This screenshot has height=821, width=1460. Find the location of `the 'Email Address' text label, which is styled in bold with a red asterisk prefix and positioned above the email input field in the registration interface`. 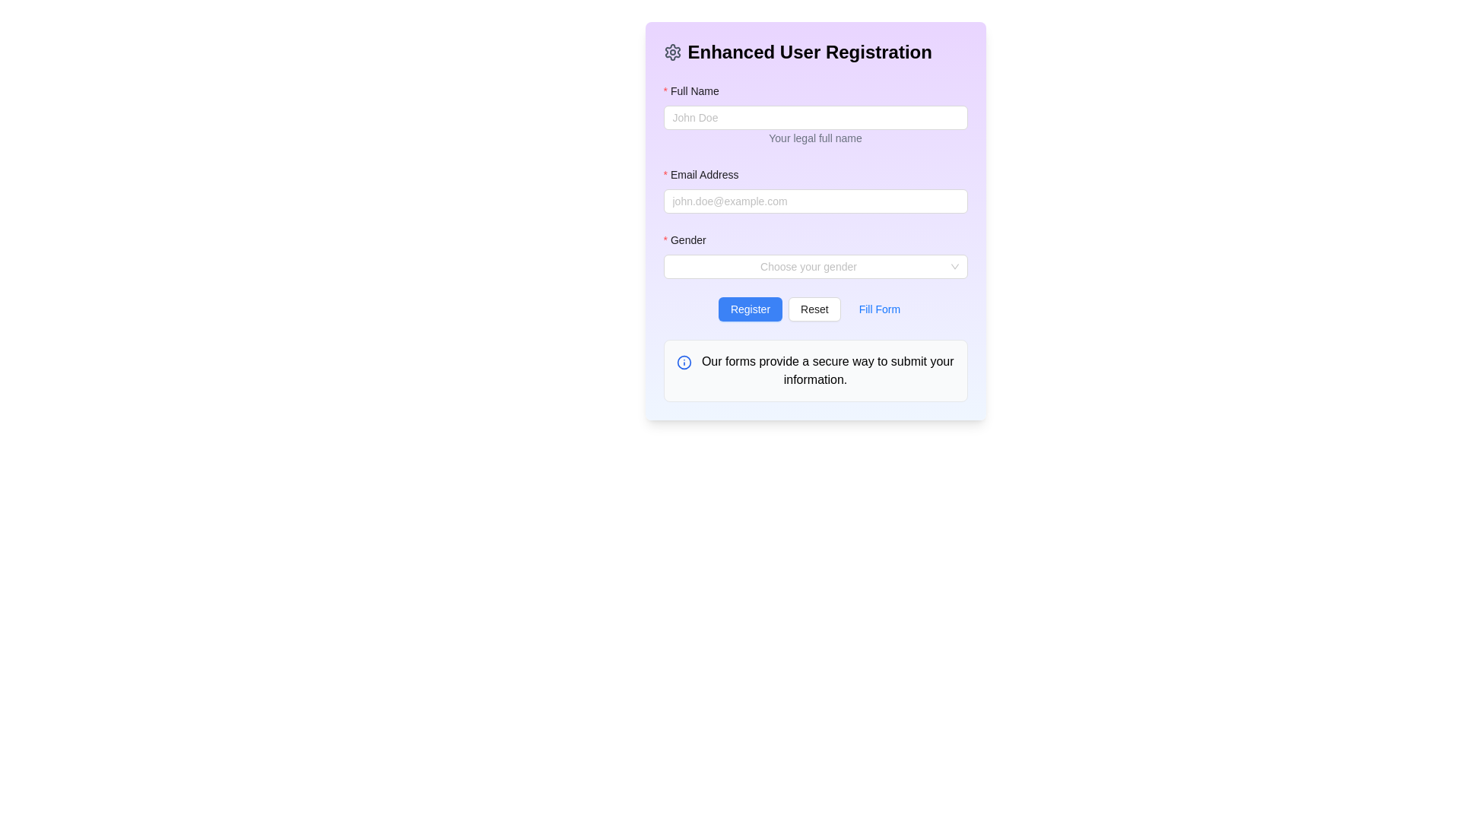

the 'Email Address' text label, which is styled in bold with a red asterisk prefix and positioned above the email input field in the registration interface is located at coordinates (705, 174).